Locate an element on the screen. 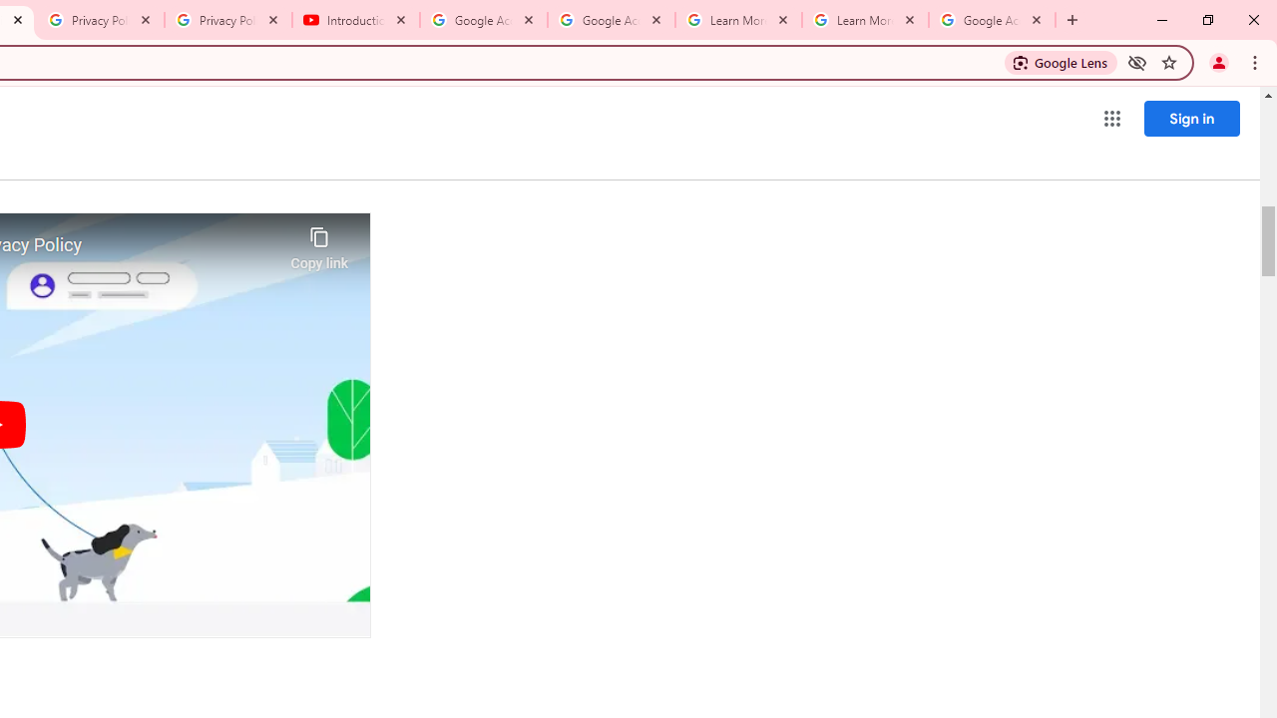 The height and width of the screenshot is (718, 1277). 'Copy link' is located at coordinates (319, 242).